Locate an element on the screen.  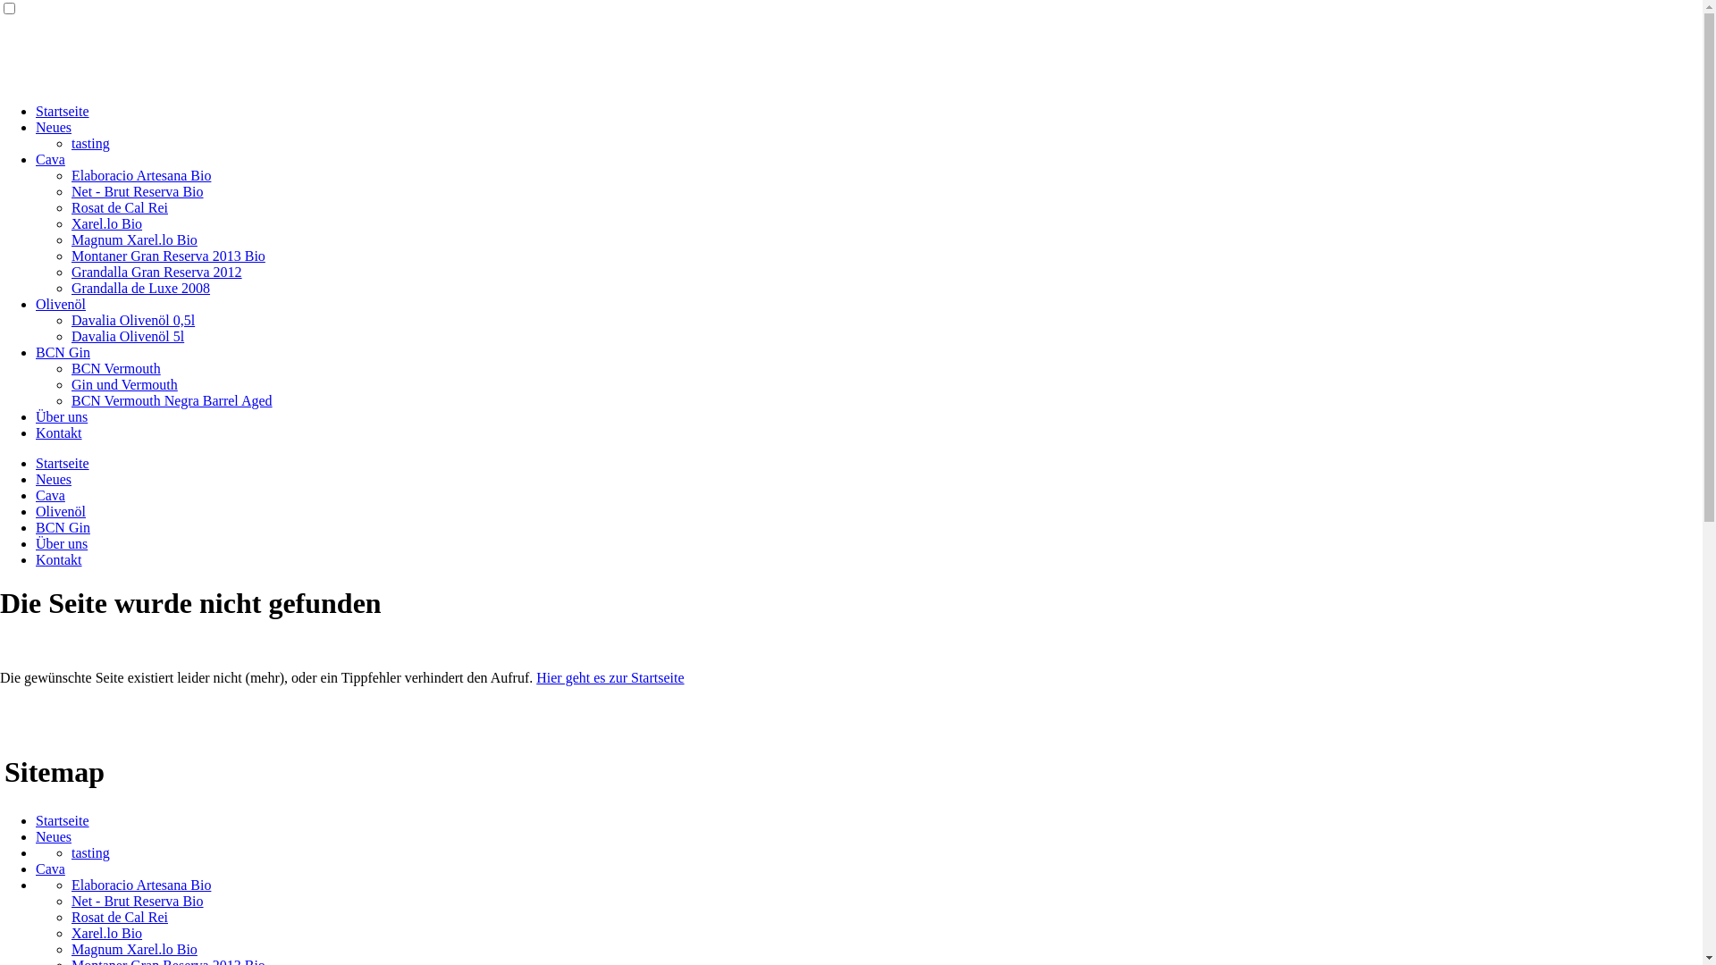
'BCN Gin' is located at coordinates (63, 352).